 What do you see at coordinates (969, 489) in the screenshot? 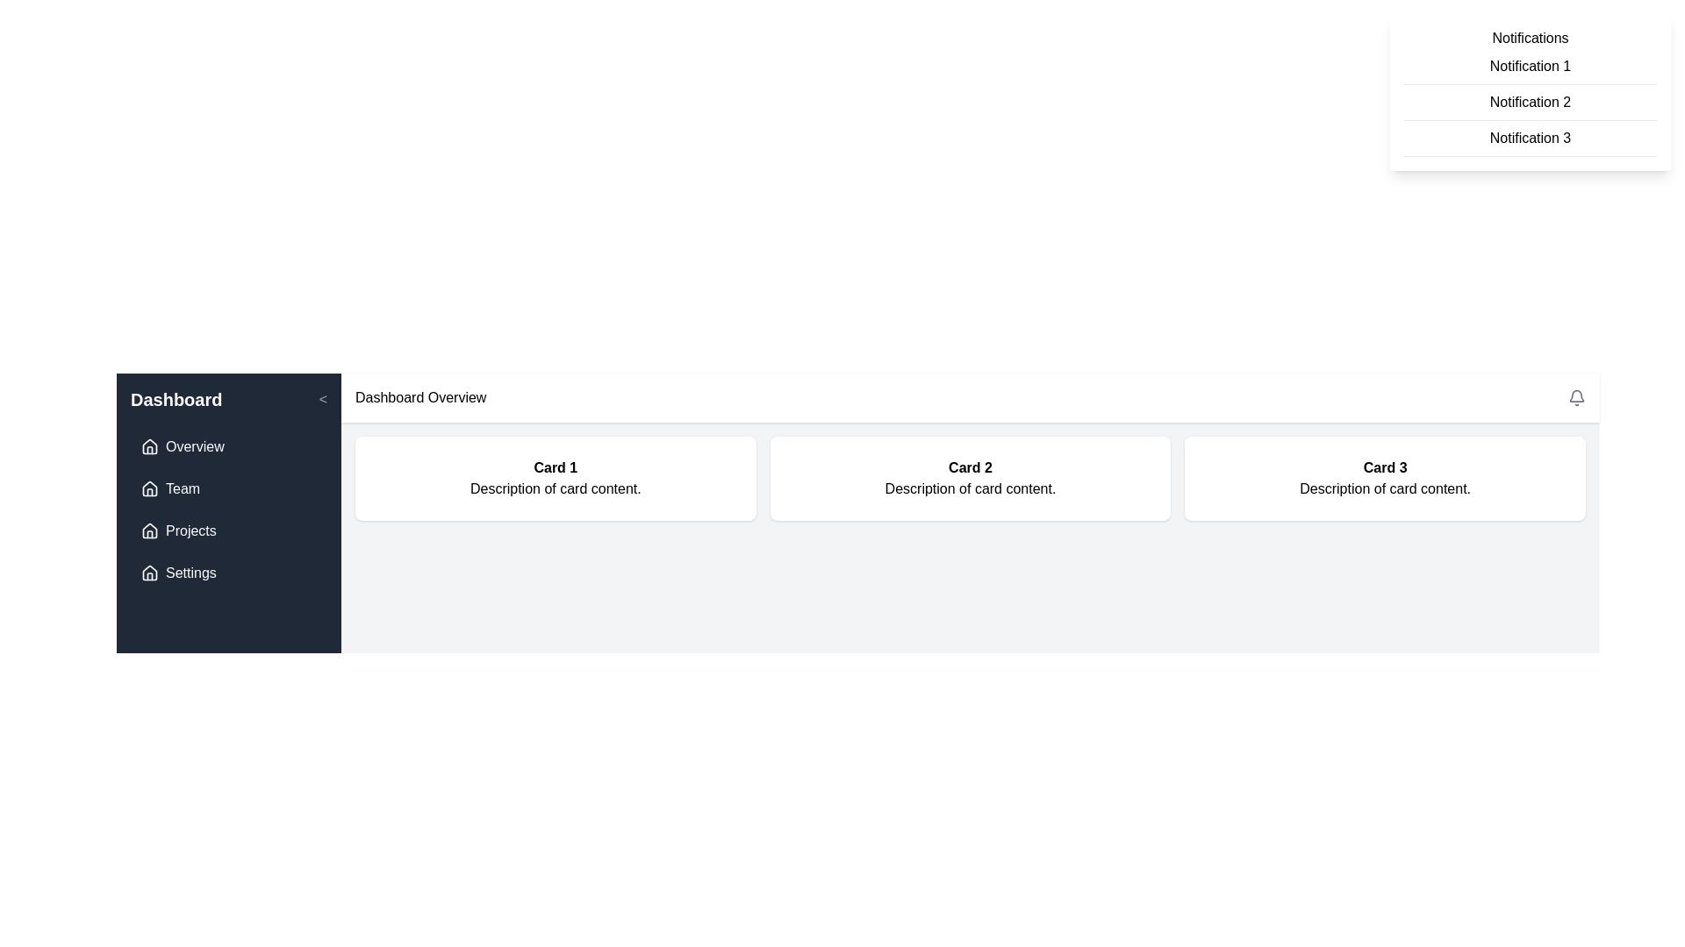
I see `the text content element containing the phrase 'Description of card content.' located within 'Card 2.'` at bounding box center [969, 489].